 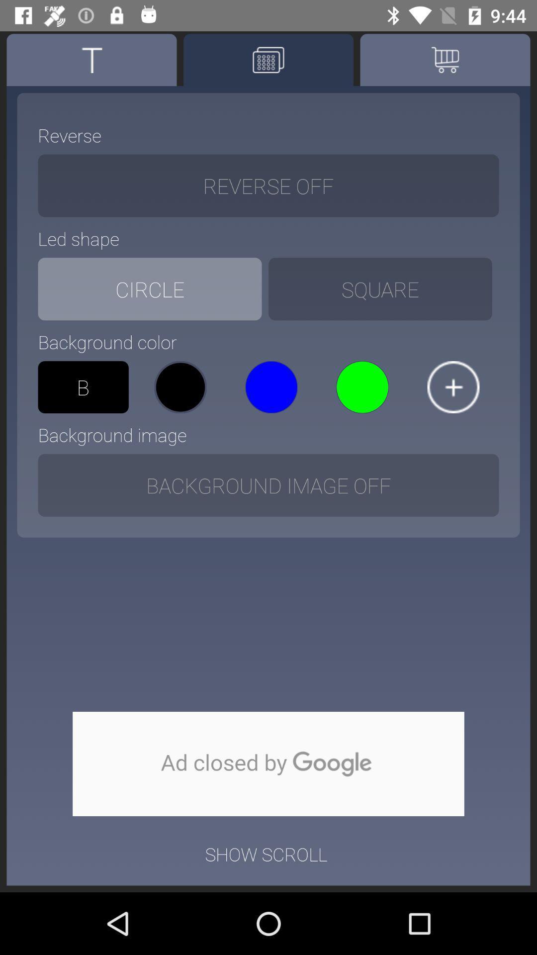 I want to click on the cart icon, so click(x=445, y=59).